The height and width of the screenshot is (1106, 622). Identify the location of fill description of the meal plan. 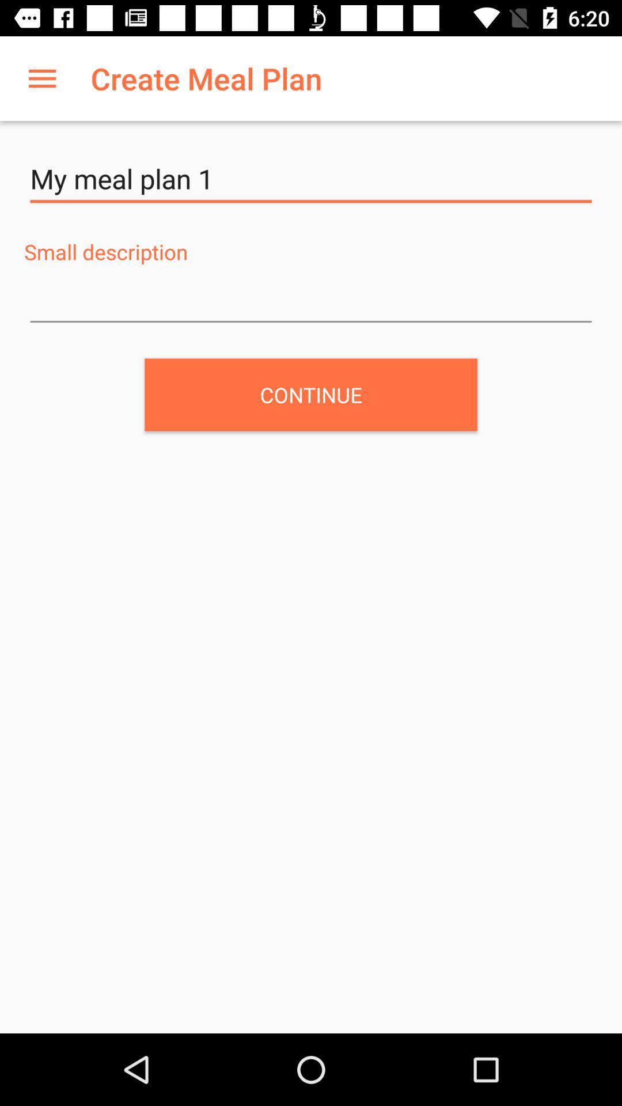
(311, 300).